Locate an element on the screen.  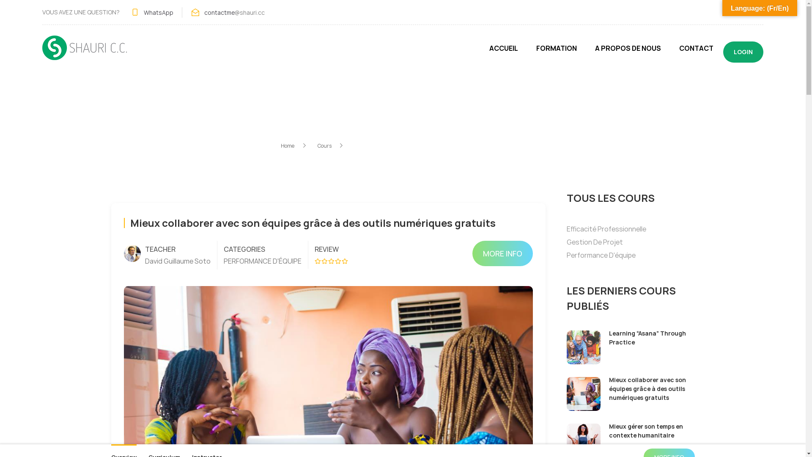
'LOGIN' is located at coordinates (743, 52).